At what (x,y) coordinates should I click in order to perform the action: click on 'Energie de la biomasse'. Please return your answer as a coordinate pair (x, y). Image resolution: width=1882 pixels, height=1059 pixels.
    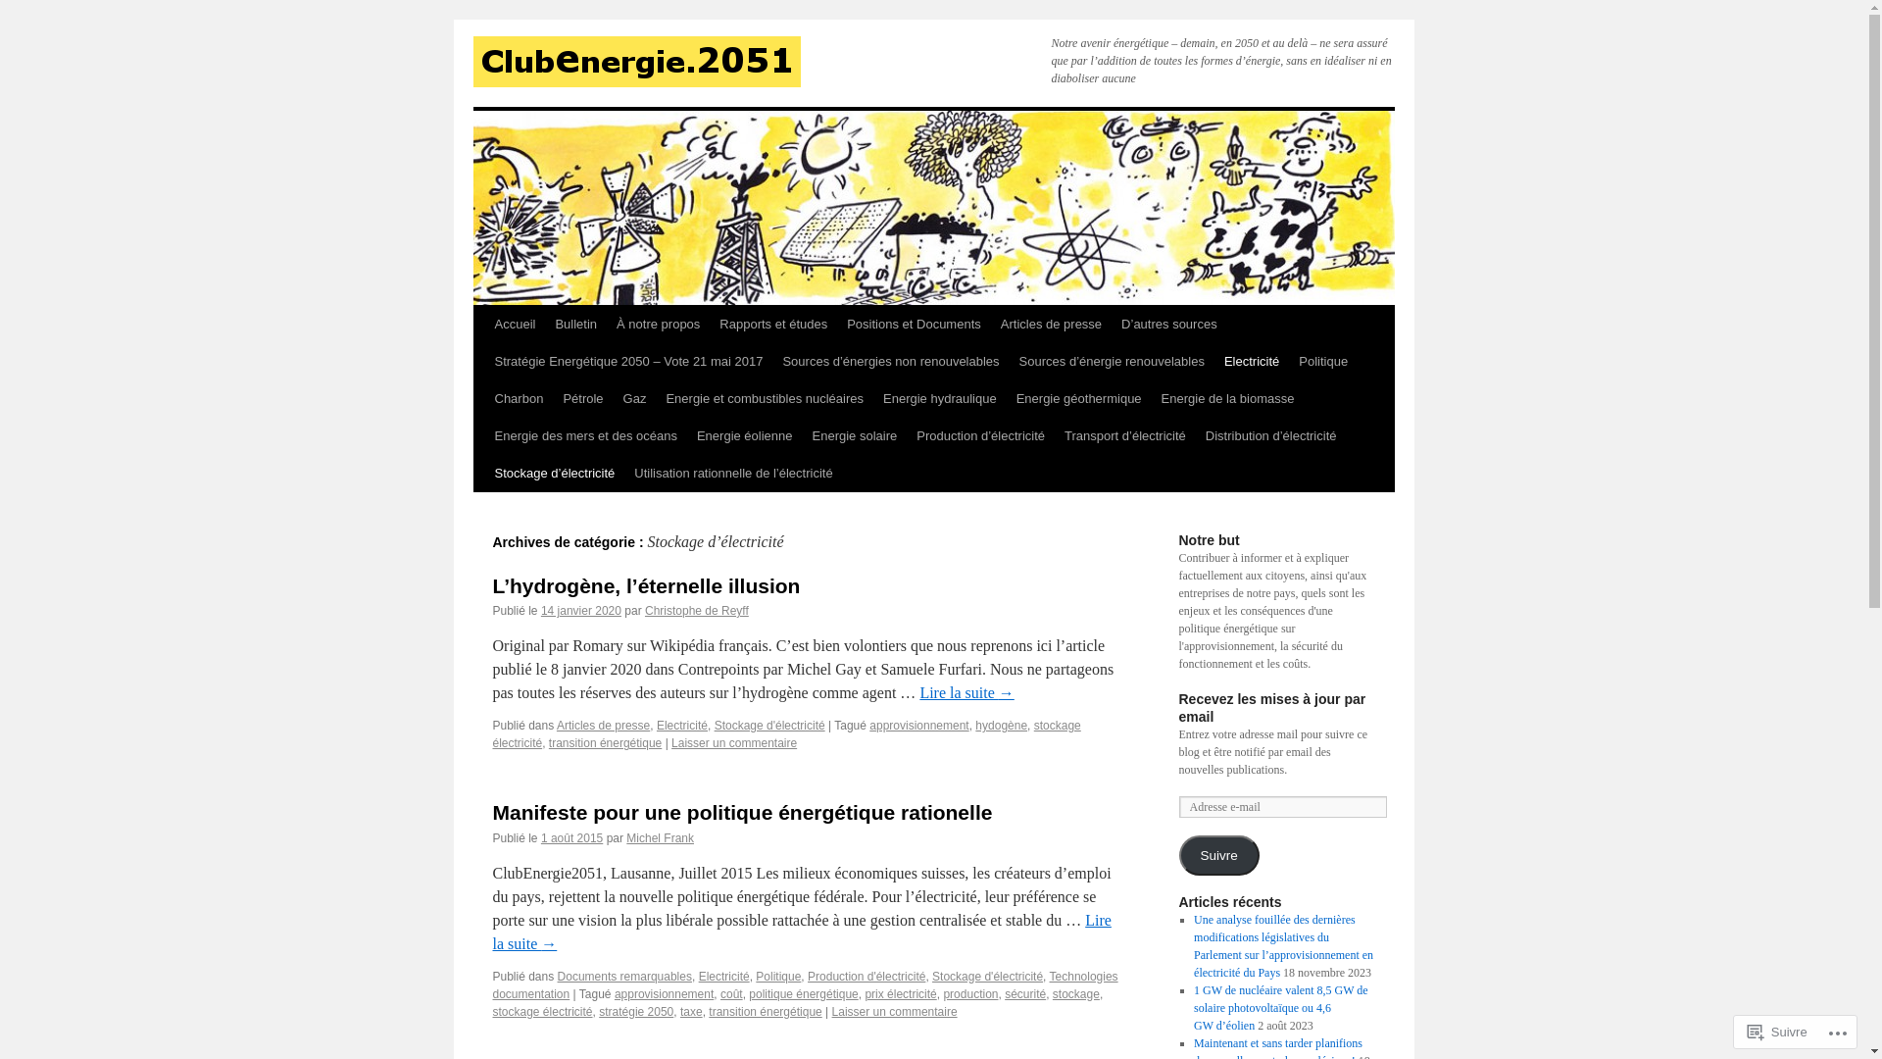
    Looking at the image, I should click on (1226, 398).